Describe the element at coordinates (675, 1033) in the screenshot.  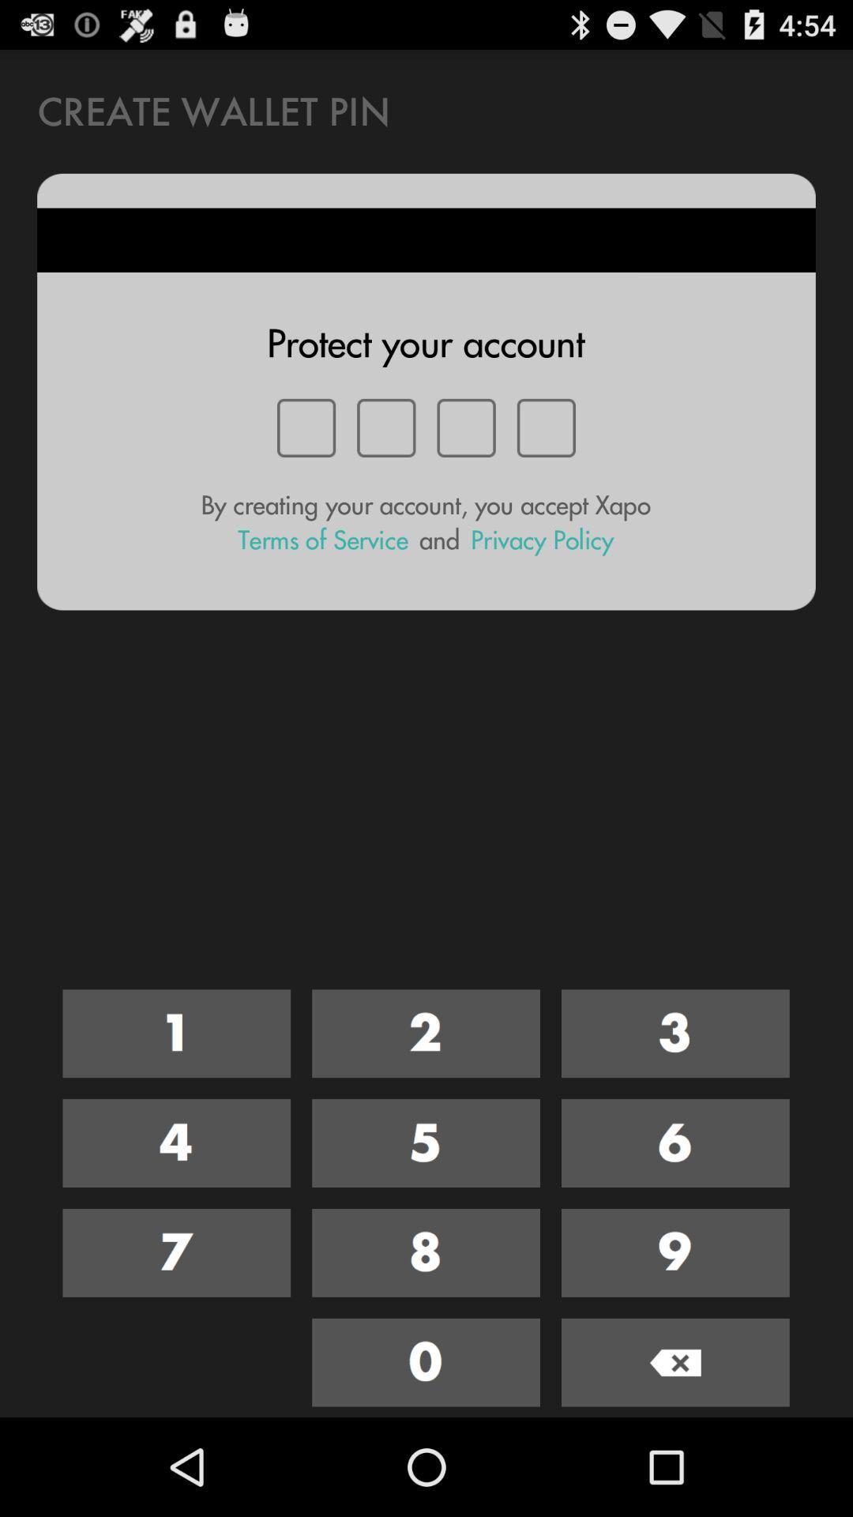
I see `number three` at that location.